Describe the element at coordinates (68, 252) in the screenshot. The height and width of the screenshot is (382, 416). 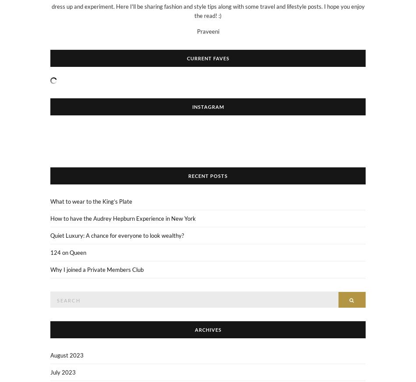
I see `'124 on Queen'` at that location.